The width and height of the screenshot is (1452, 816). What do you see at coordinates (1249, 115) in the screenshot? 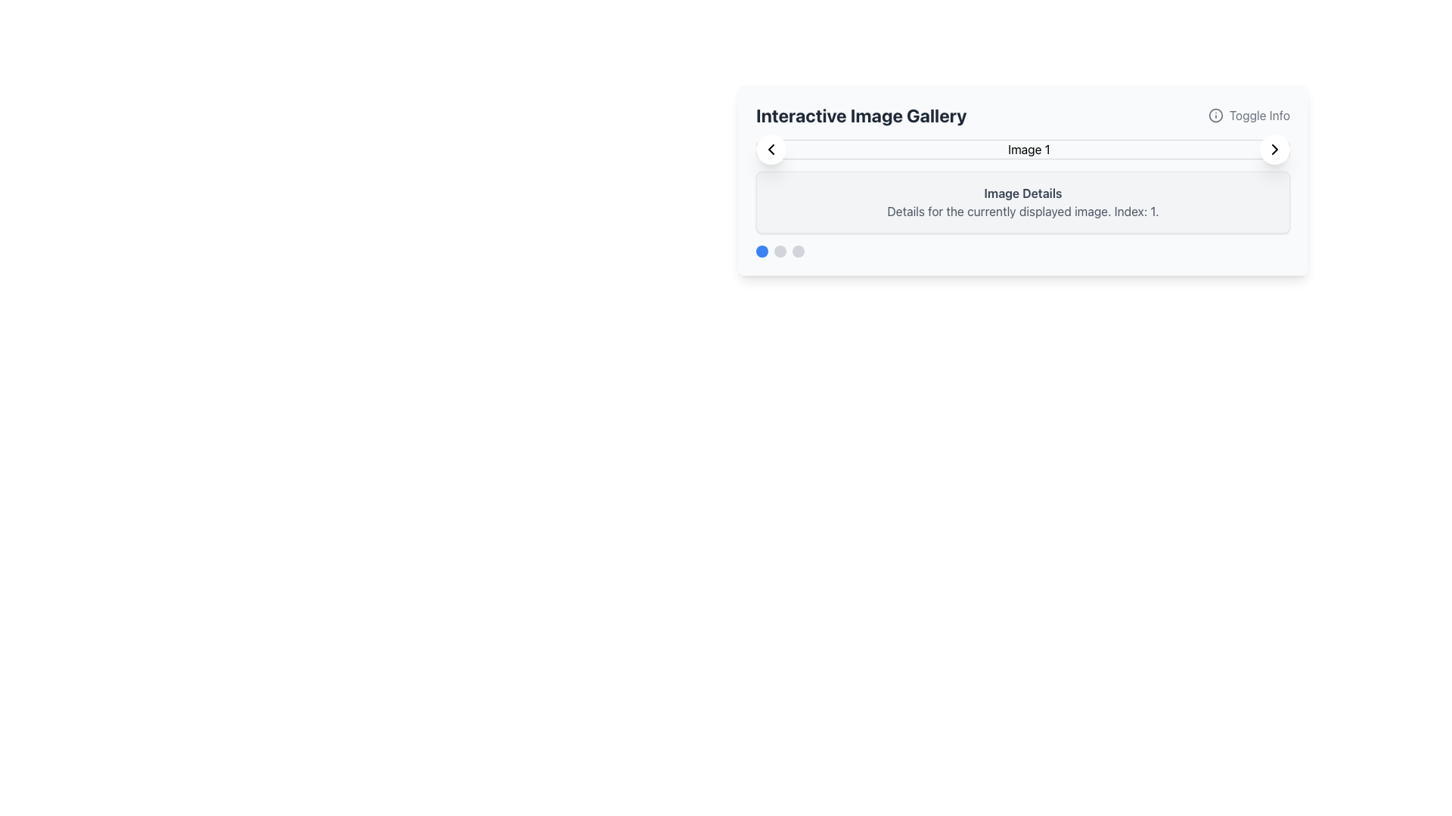
I see `the 'Toggle Info' button, which features an 'info' icon and gray text that turns blue on hover, located on the right side of the 'Interactive Image Gallery'` at bounding box center [1249, 115].